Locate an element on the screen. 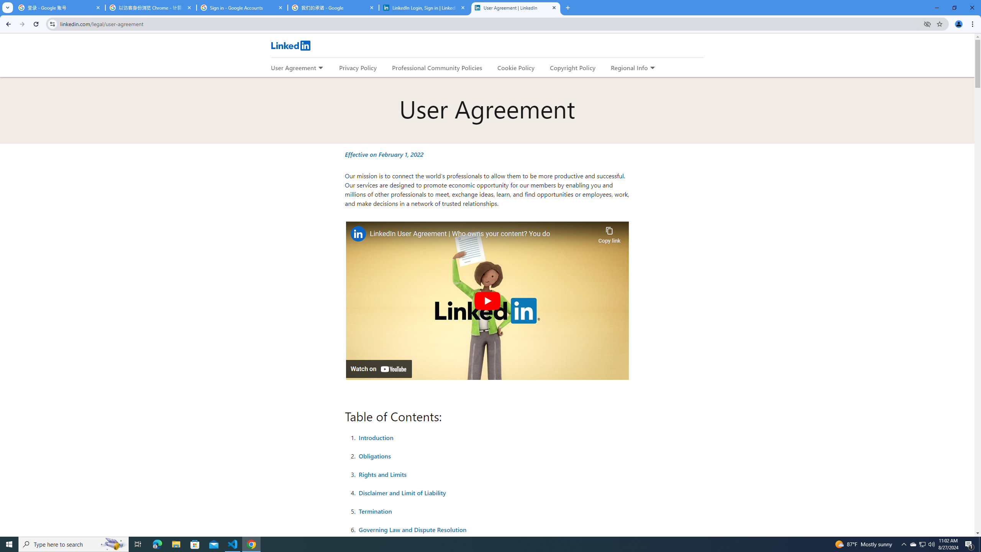  'Play' is located at coordinates (487, 301).